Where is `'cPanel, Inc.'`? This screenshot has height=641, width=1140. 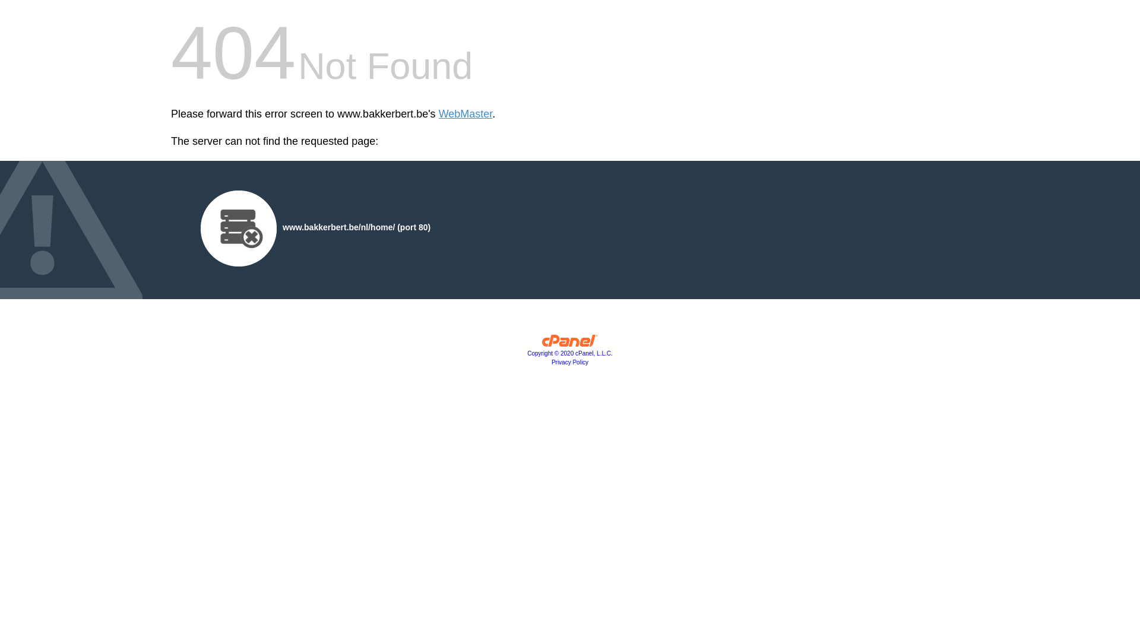
'cPanel, Inc.' is located at coordinates (570, 343).